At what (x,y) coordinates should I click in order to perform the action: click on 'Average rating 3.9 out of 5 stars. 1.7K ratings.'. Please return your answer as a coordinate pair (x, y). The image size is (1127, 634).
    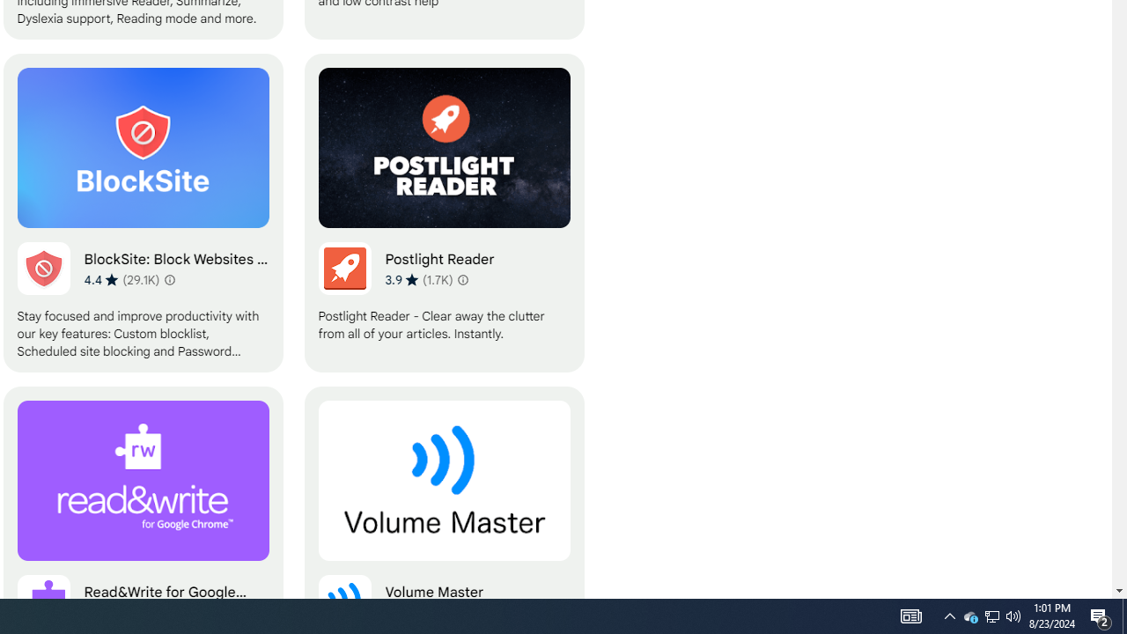
    Looking at the image, I should click on (417, 278).